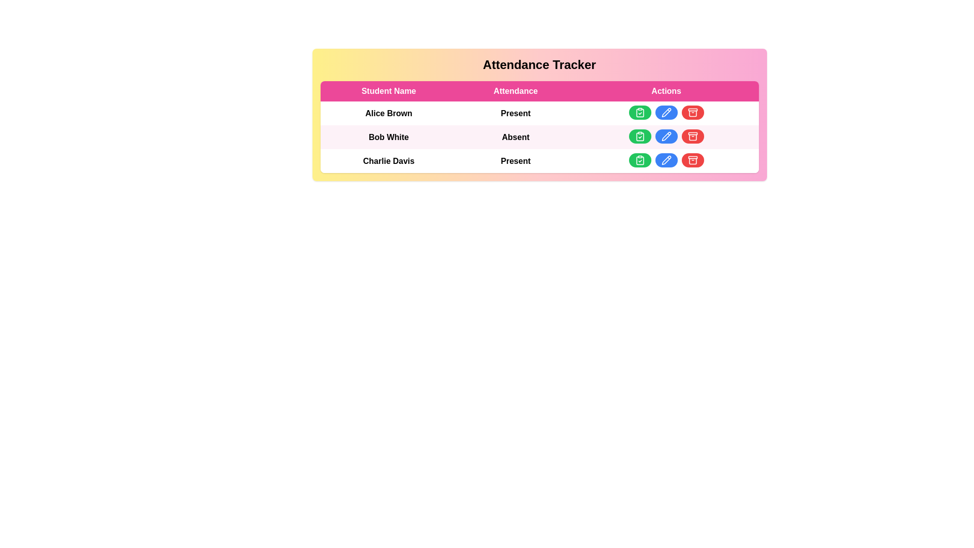  Describe the element at coordinates (692, 160) in the screenshot. I see `'archive record' button for the student with name Charlie Davis` at that location.